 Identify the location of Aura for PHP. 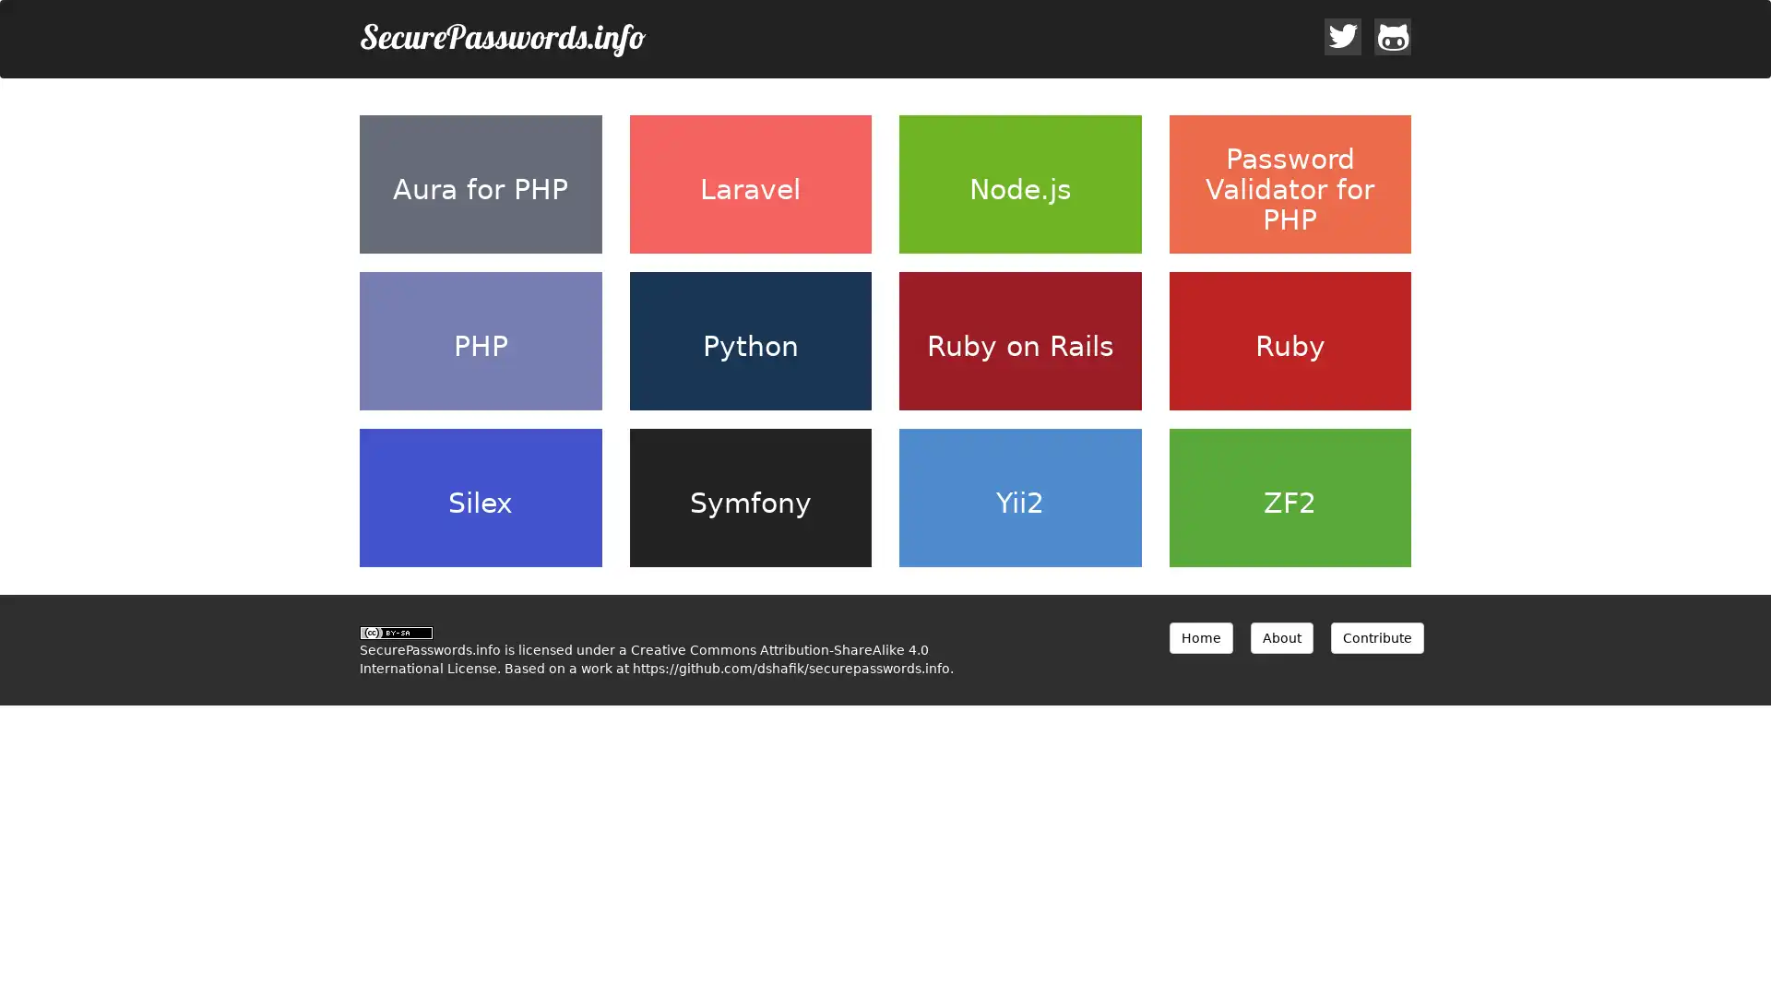
(481, 184).